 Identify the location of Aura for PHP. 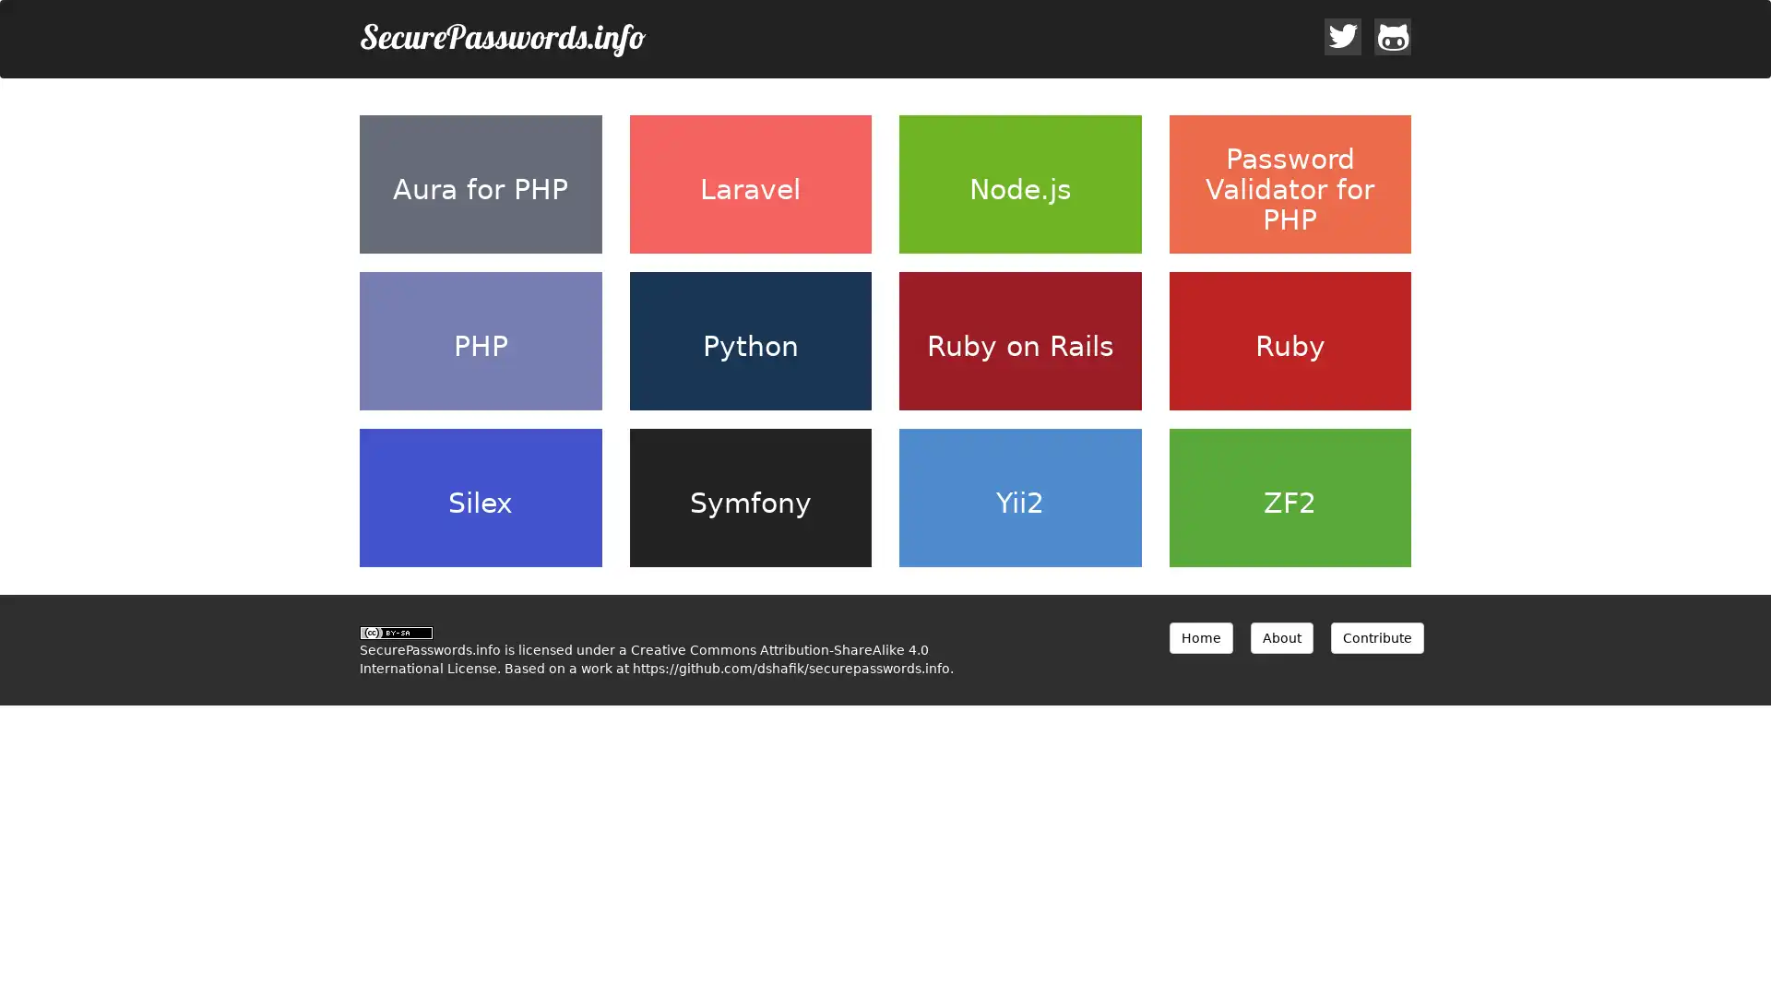
(481, 184).